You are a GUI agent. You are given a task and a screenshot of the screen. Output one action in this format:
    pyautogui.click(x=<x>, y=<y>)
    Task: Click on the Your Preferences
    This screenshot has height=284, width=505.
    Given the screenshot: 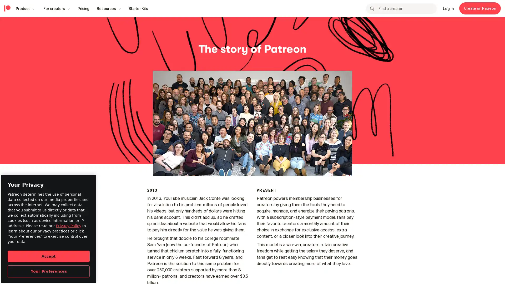 What is the action you would take?
    pyautogui.click(x=49, y=271)
    